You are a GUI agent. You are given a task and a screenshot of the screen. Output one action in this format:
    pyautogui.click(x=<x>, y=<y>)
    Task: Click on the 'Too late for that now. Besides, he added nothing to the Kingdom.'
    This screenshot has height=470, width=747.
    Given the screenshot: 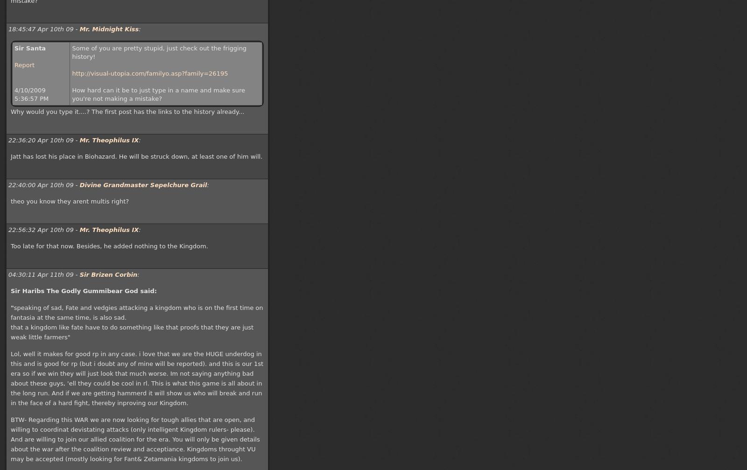 What is the action you would take?
    pyautogui.click(x=109, y=246)
    